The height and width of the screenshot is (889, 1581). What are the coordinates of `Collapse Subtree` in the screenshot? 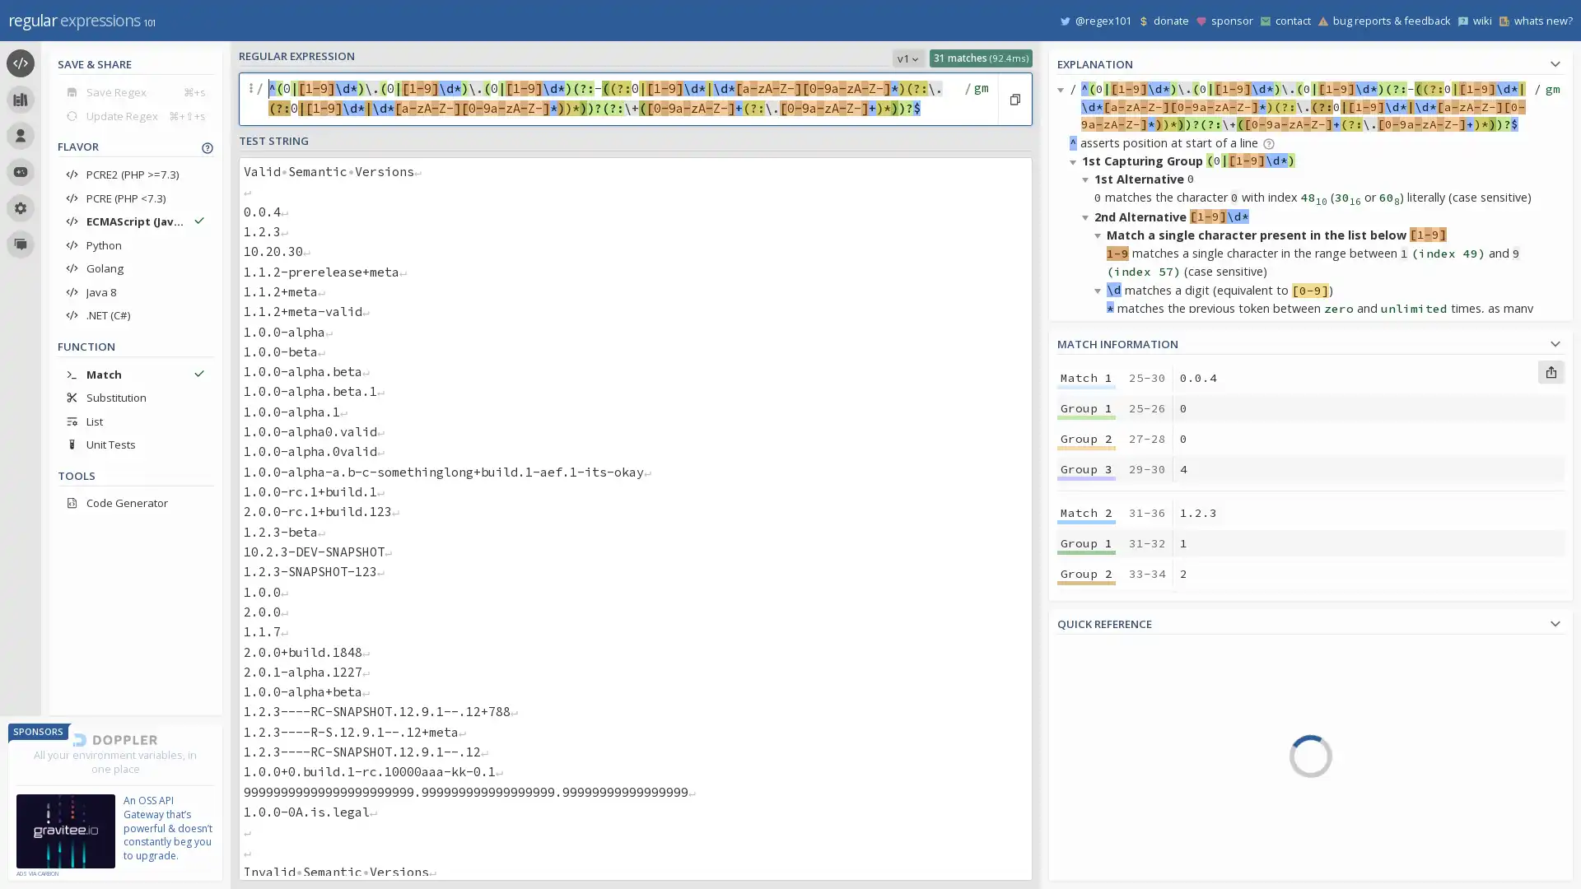 It's located at (1075, 365).